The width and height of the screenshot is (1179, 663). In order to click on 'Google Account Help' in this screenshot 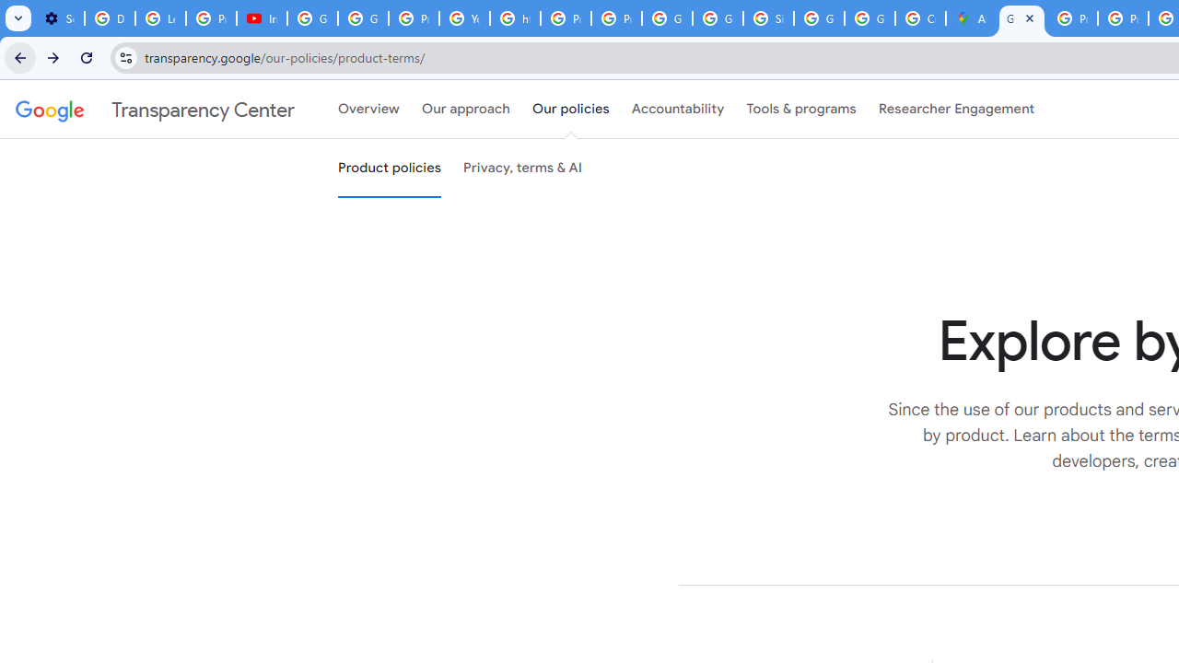, I will do `click(312, 18)`.